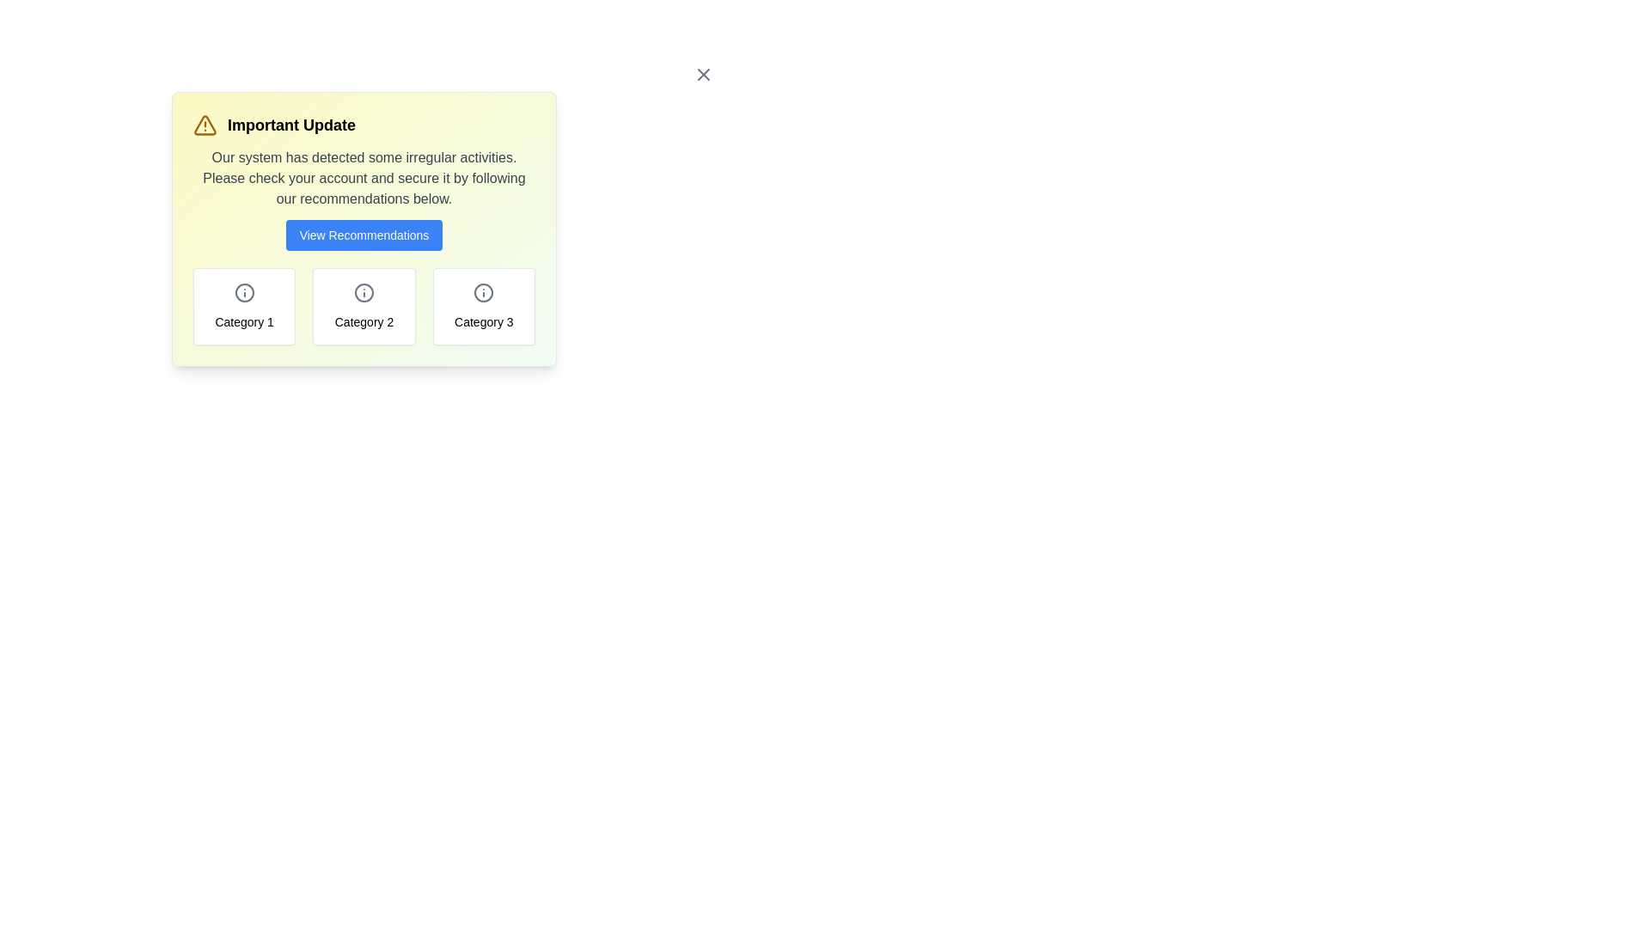 The width and height of the screenshot is (1650, 928). What do you see at coordinates (363, 235) in the screenshot?
I see `'View Recommendations' button` at bounding box center [363, 235].